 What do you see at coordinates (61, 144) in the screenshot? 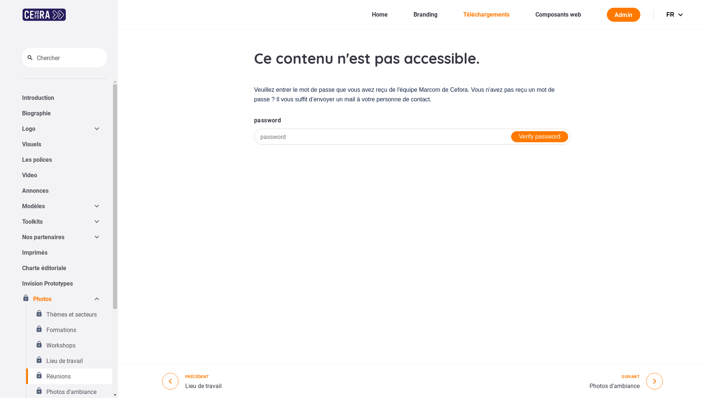
I see `'Visuels'` at bounding box center [61, 144].